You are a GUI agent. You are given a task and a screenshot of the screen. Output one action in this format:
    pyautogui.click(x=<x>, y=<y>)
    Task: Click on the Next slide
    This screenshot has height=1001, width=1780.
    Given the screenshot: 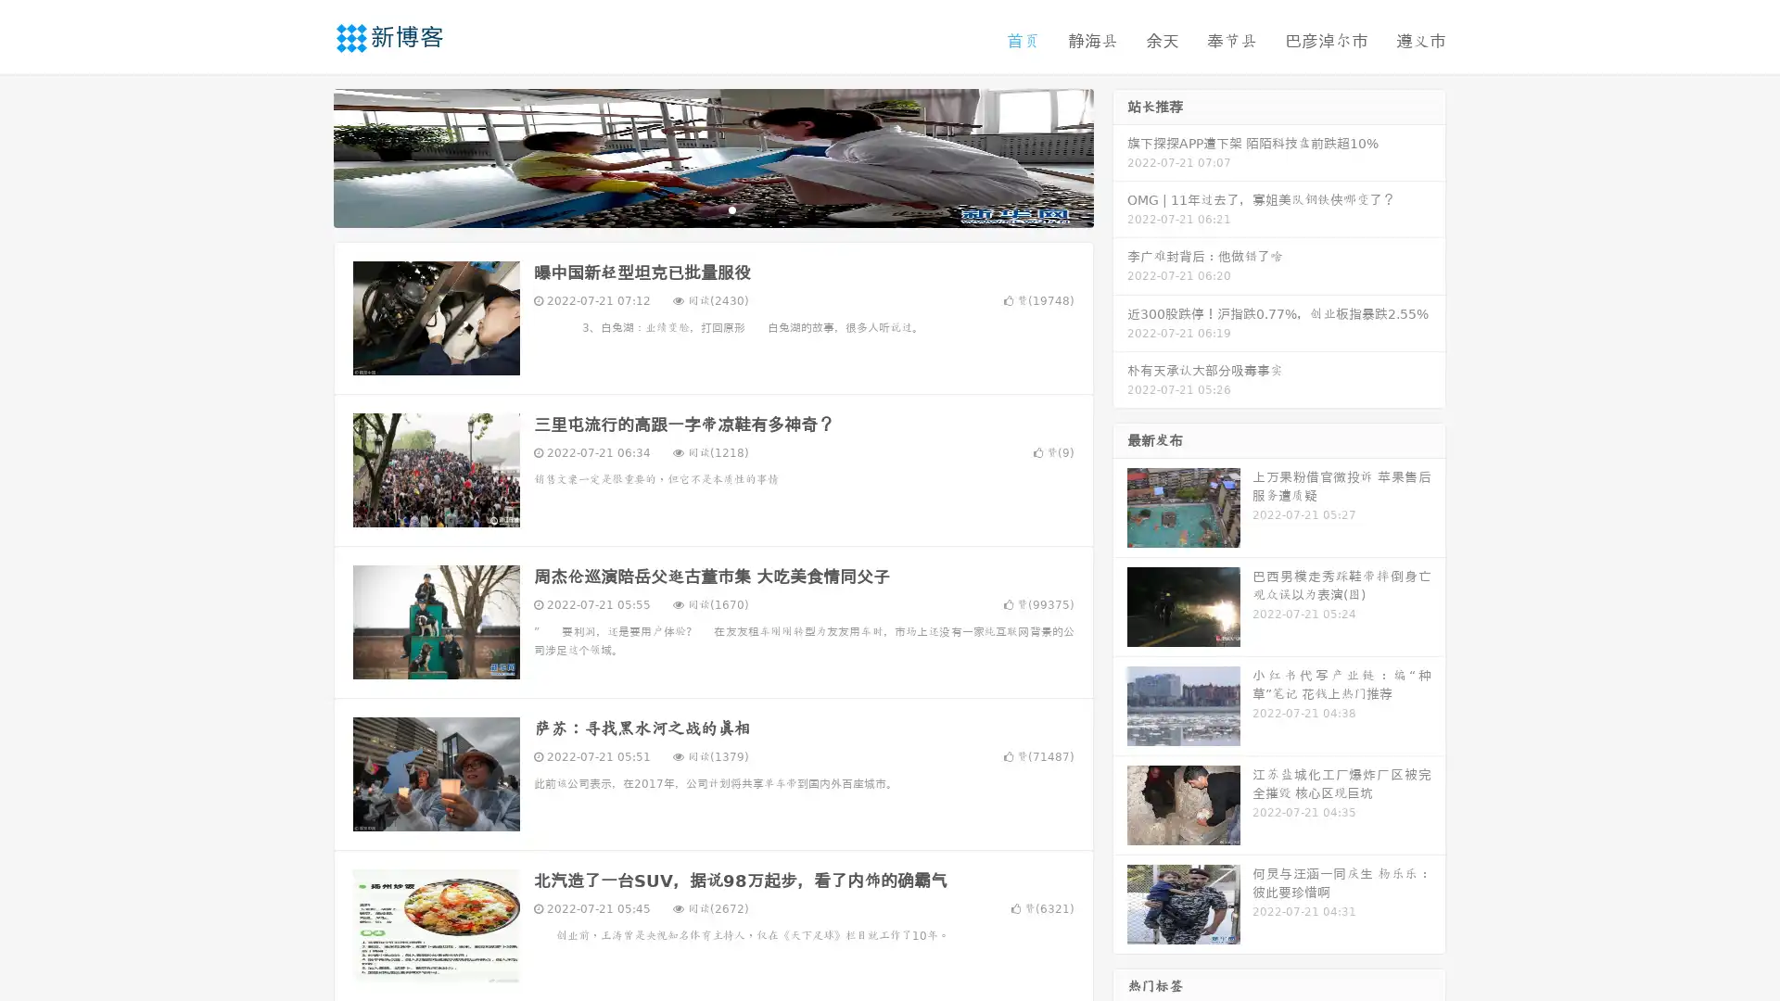 What is the action you would take?
    pyautogui.click(x=1120, y=156)
    